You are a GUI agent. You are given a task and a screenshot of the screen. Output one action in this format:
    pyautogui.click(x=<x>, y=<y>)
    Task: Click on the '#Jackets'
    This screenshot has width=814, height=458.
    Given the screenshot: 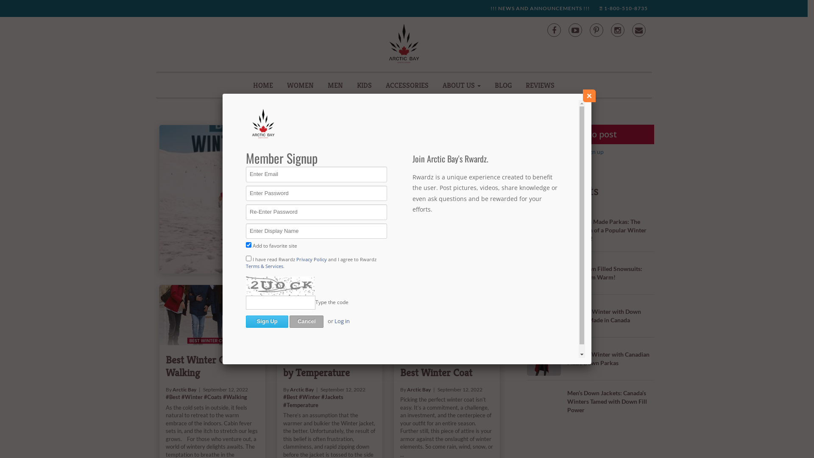 What is the action you would take?
    pyautogui.click(x=431, y=164)
    